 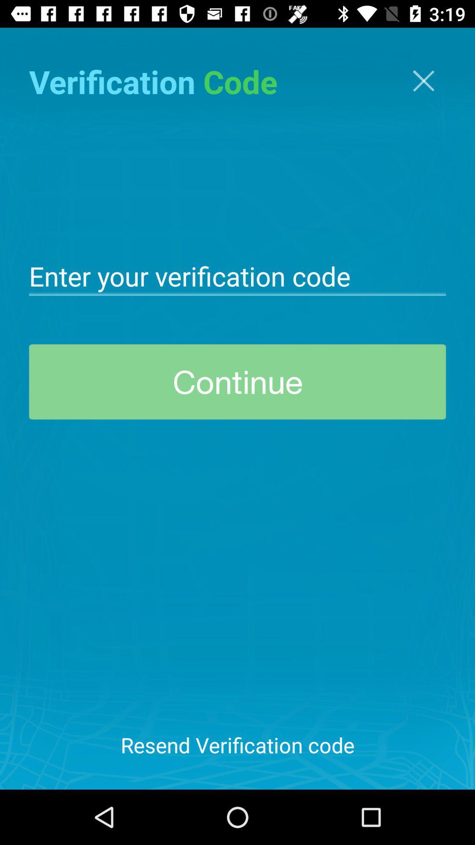 What do you see at coordinates (423, 81) in the screenshot?
I see `page` at bounding box center [423, 81].